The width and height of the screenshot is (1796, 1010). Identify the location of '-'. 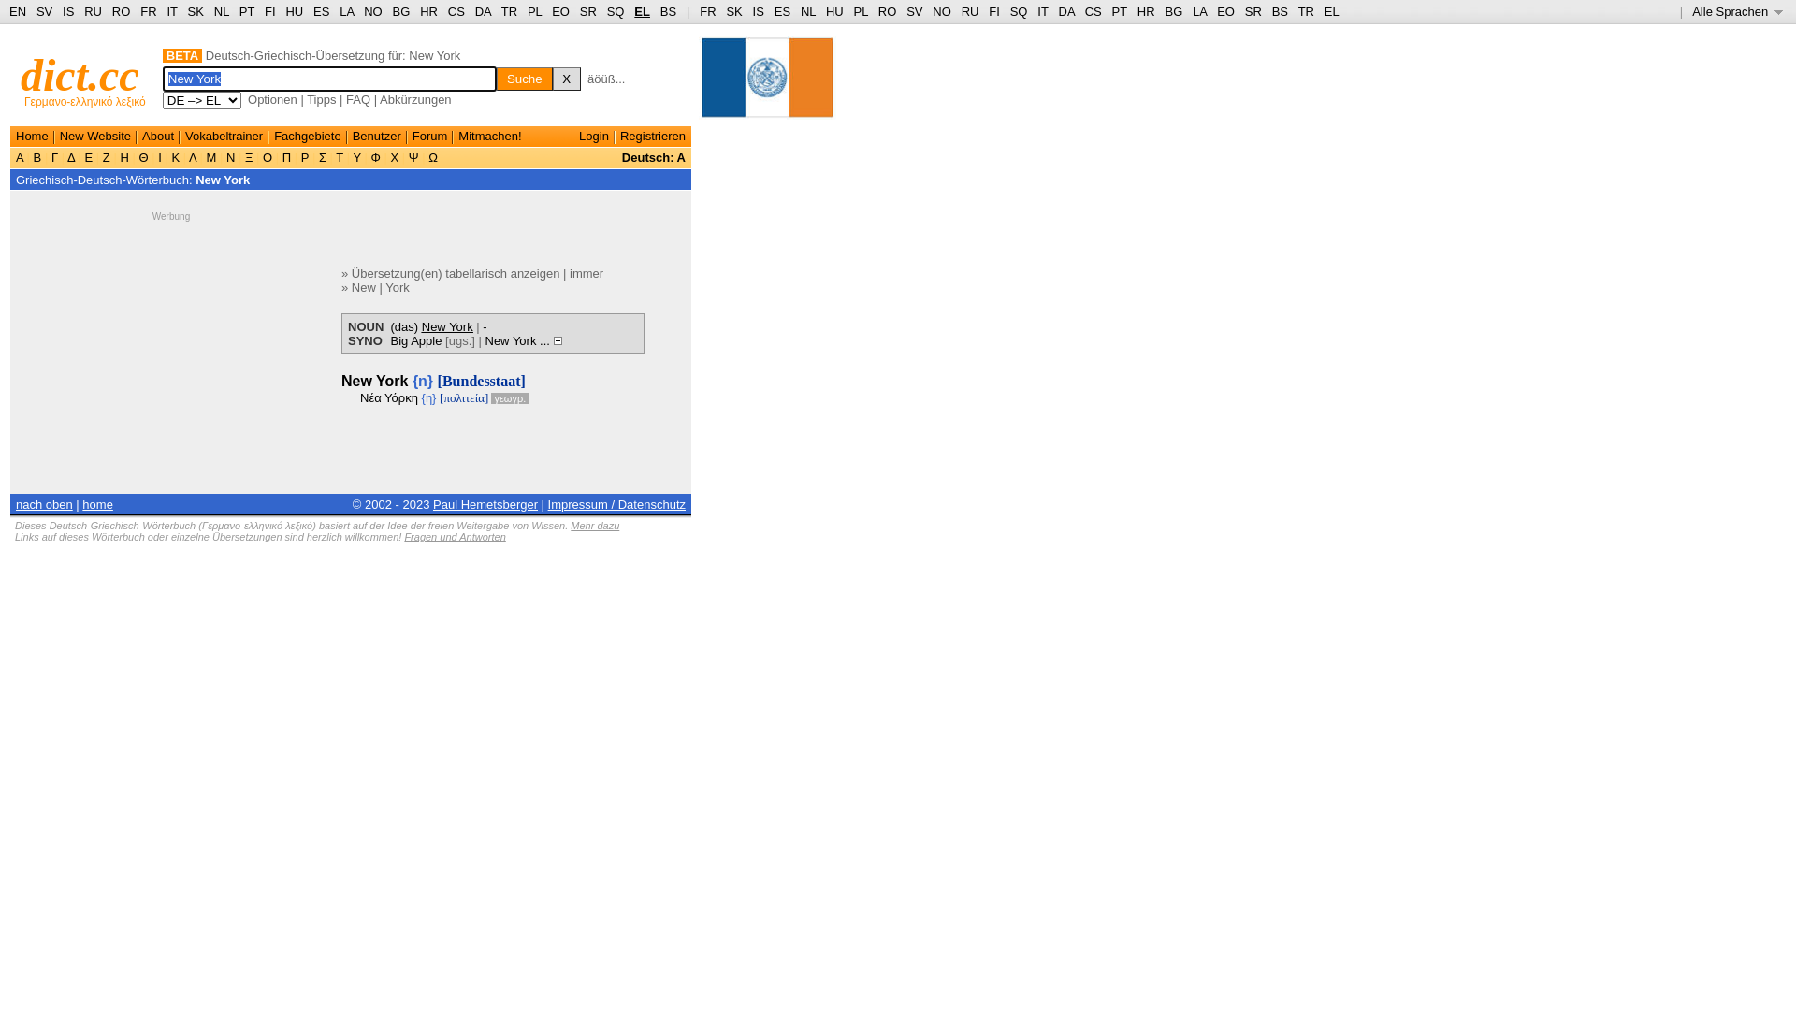
(485, 325).